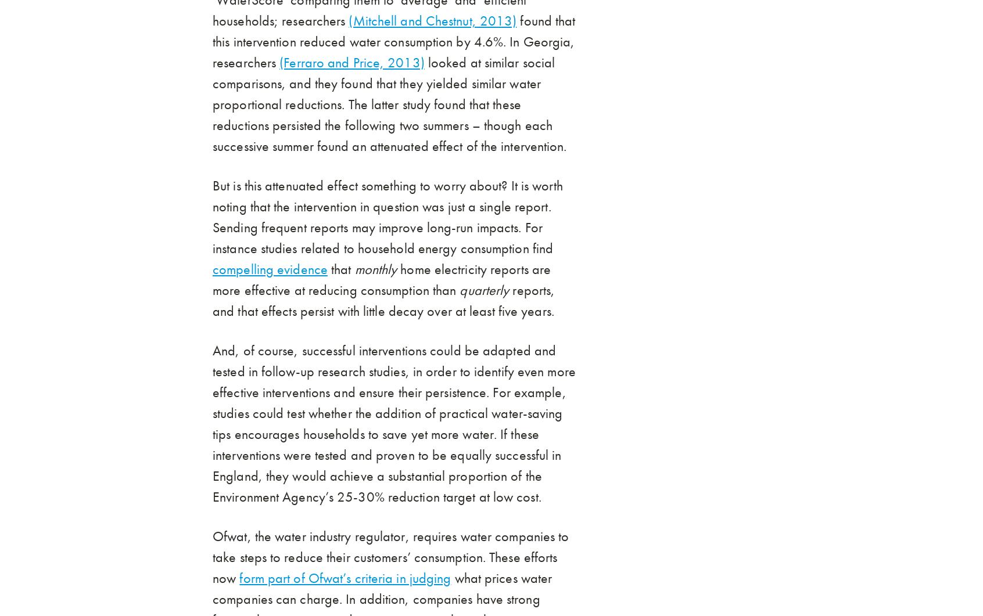  I want to click on '(Ferraro and Price, 2013)', so click(351, 63).